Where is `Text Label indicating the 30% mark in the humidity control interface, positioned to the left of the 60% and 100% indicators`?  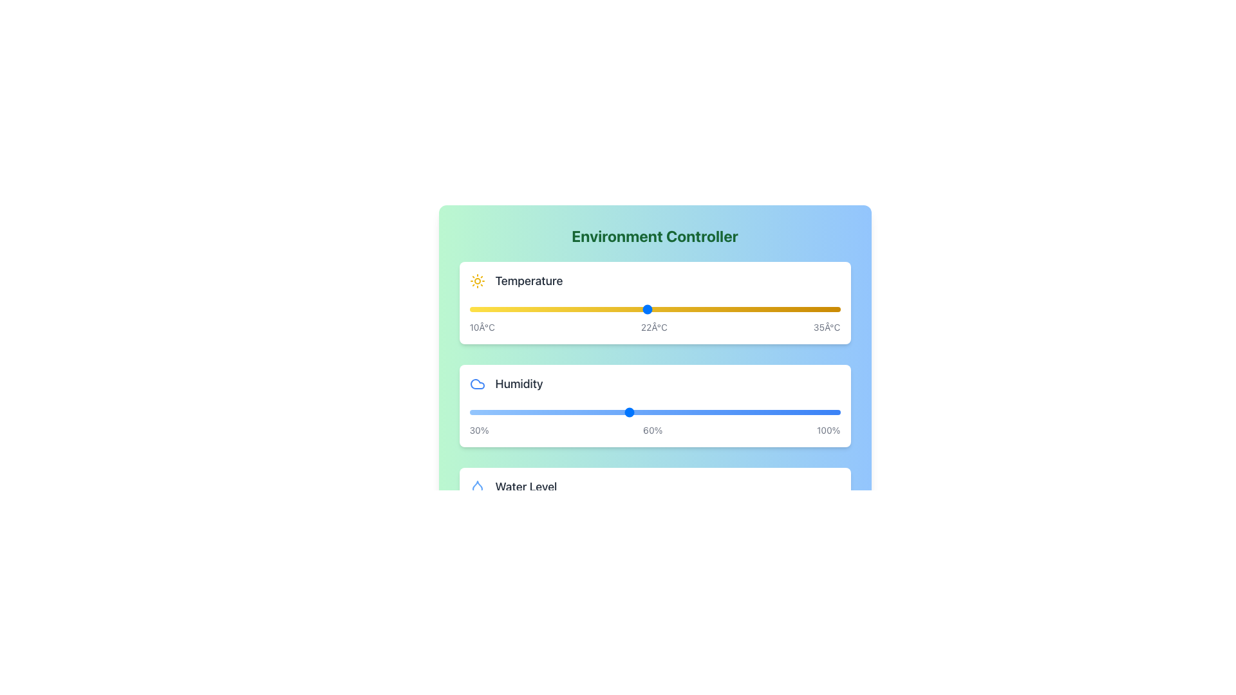
Text Label indicating the 30% mark in the humidity control interface, positioned to the left of the 60% and 100% indicators is located at coordinates (478, 430).